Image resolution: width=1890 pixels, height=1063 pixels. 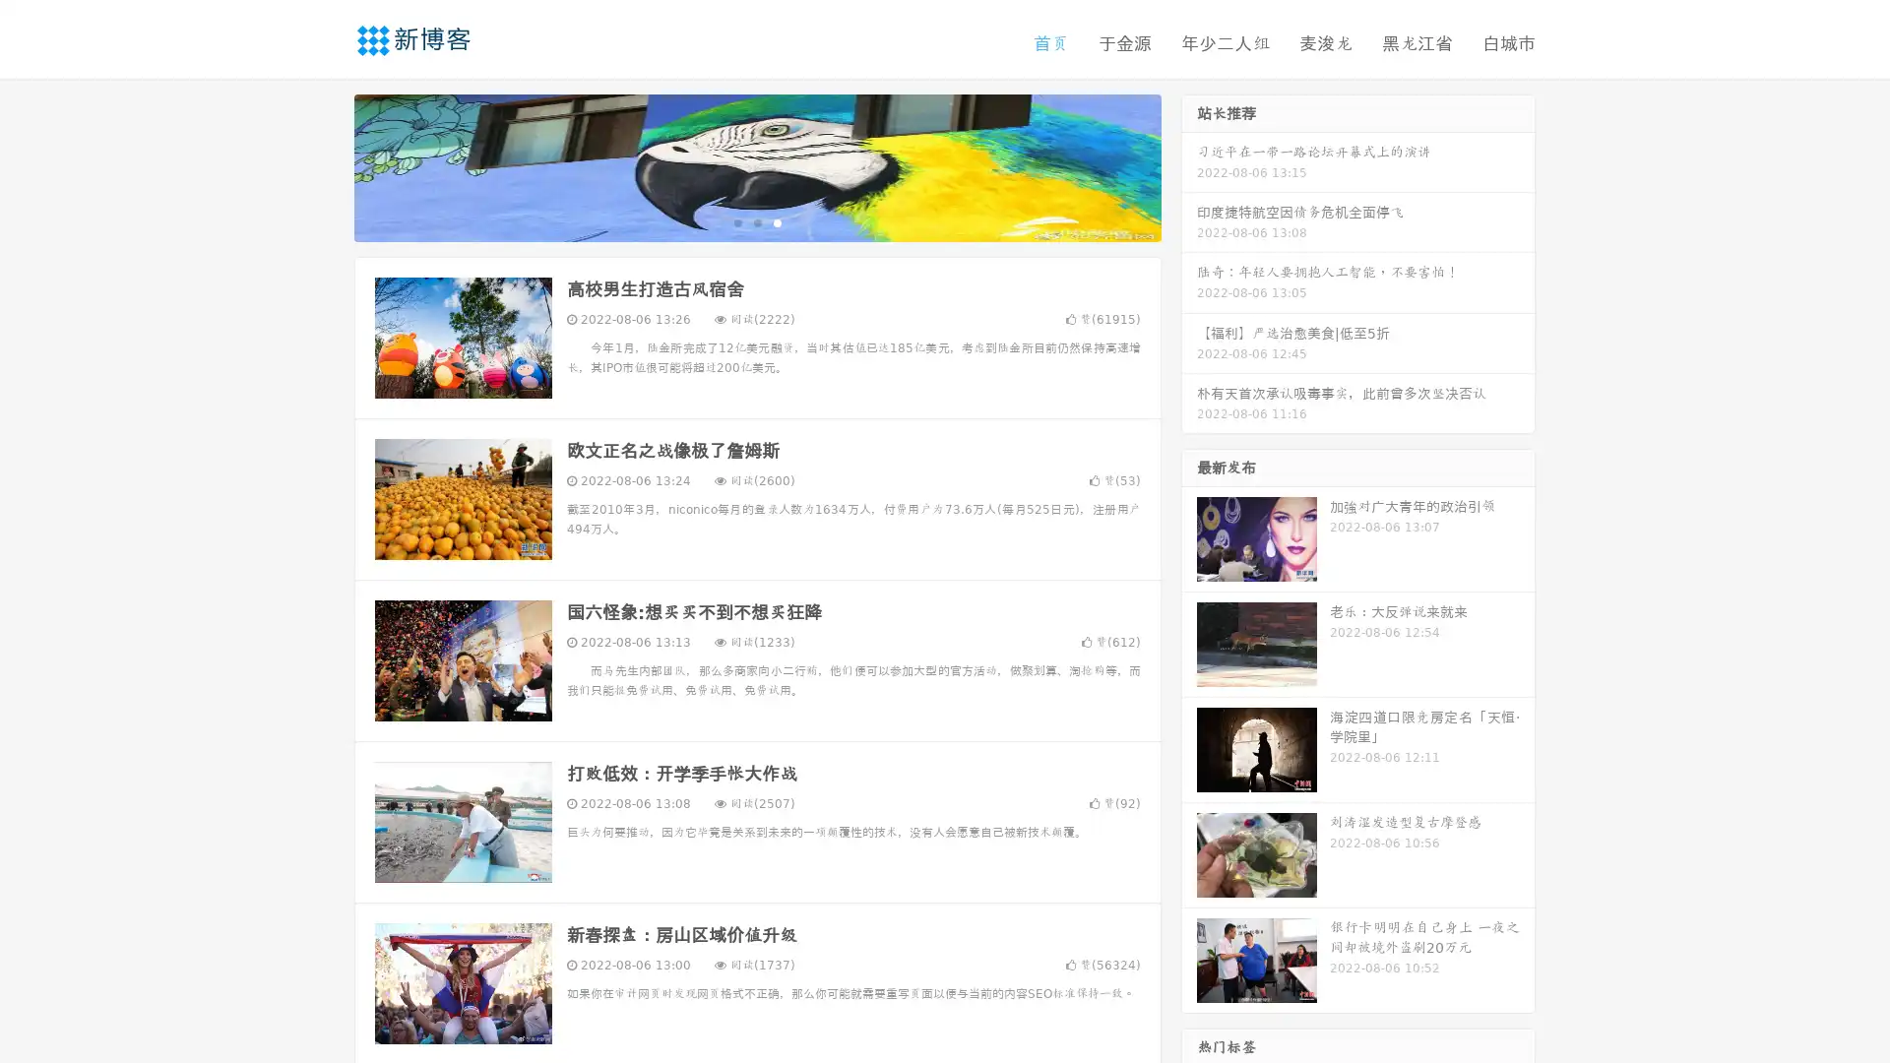 What do you see at coordinates (1189, 165) in the screenshot?
I see `Next slide` at bounding box center [1189, 165].